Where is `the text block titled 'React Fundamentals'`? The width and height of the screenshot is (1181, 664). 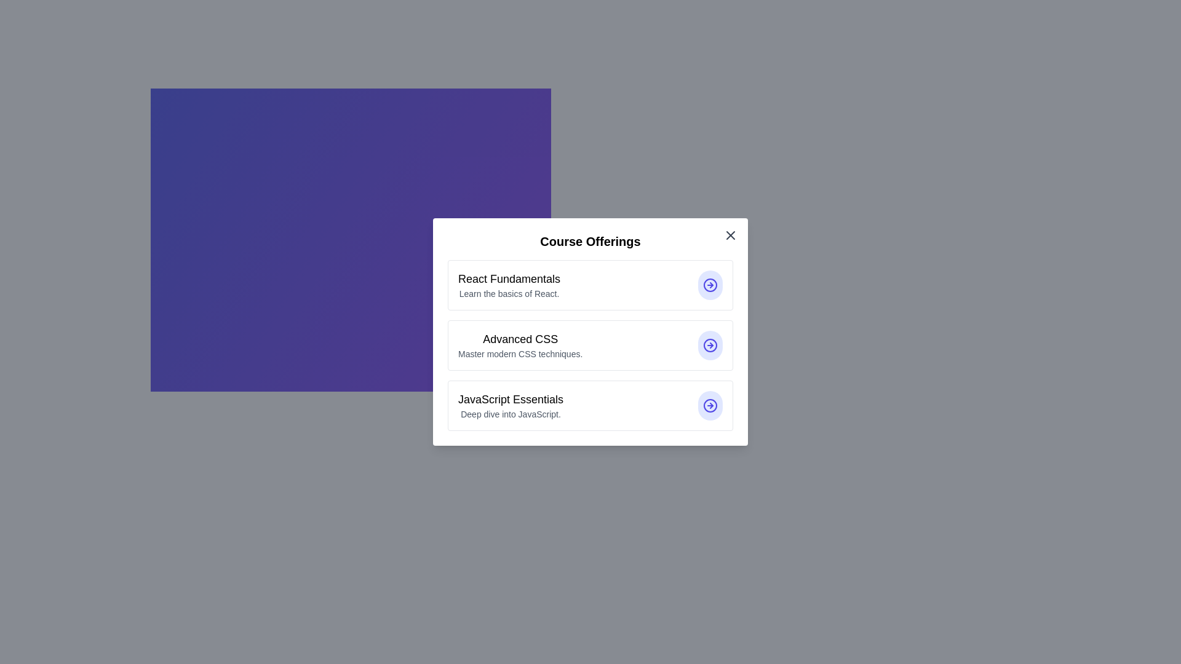 the text block titled 'React Fundamentals' is located at coordinates (509, 285).